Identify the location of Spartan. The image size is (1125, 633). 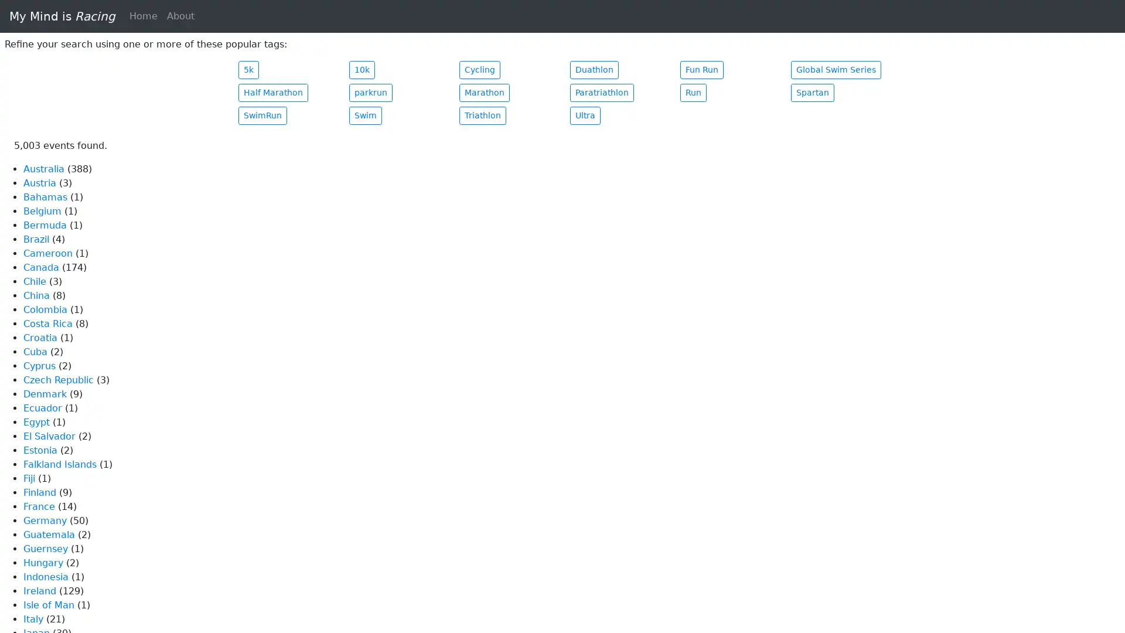
(812, 92).